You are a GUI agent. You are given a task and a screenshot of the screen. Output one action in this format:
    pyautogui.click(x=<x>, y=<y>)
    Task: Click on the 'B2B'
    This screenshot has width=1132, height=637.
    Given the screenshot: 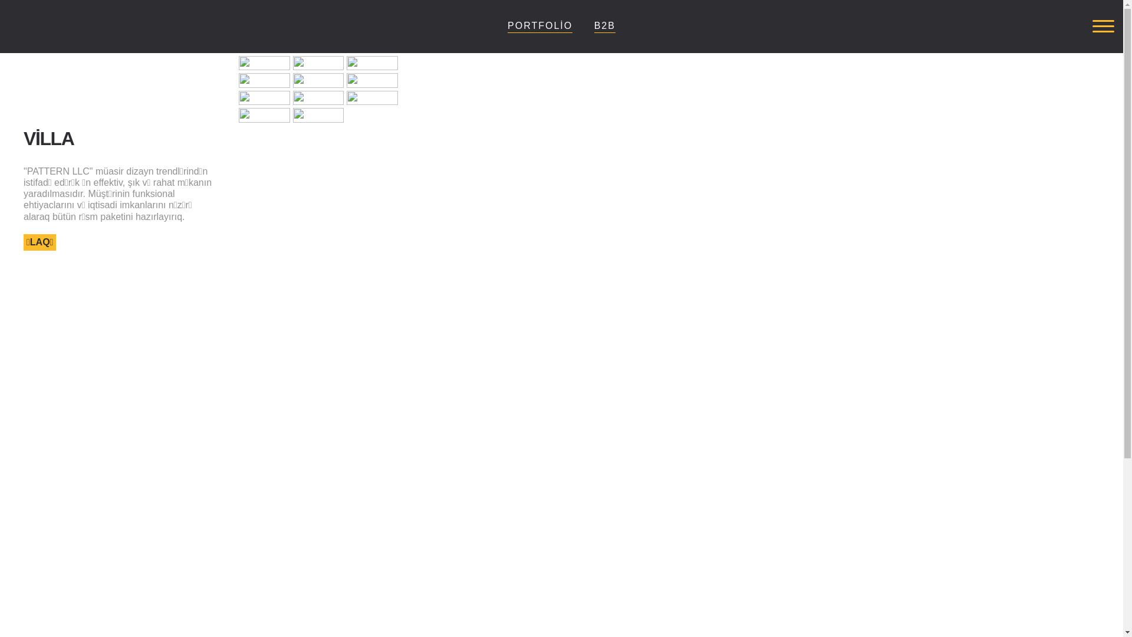 What is the action you would take?
    pyautogui.click(x=605, y=25)
    